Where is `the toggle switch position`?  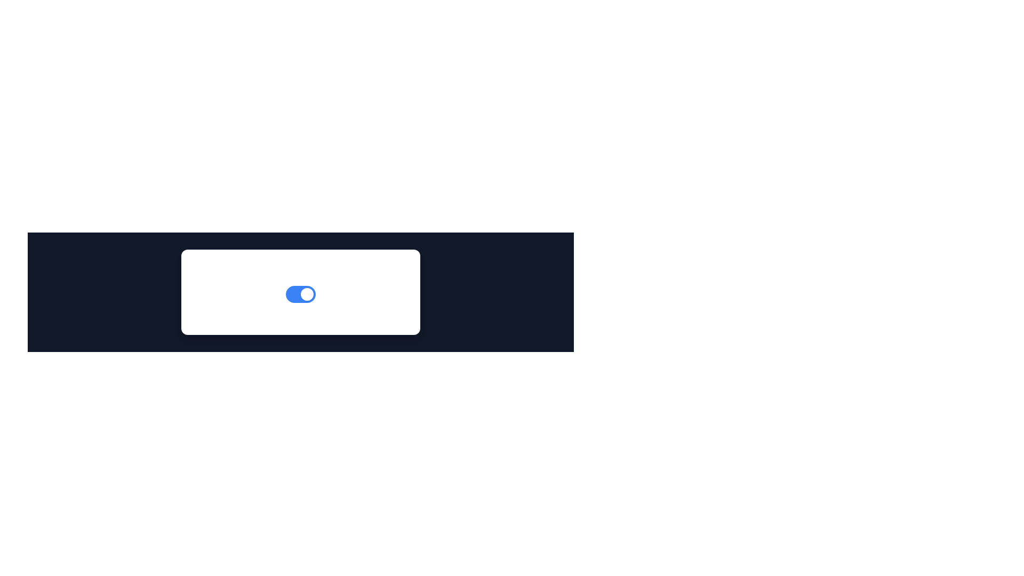
the toggle switch position is located at coordinates (309, 294).